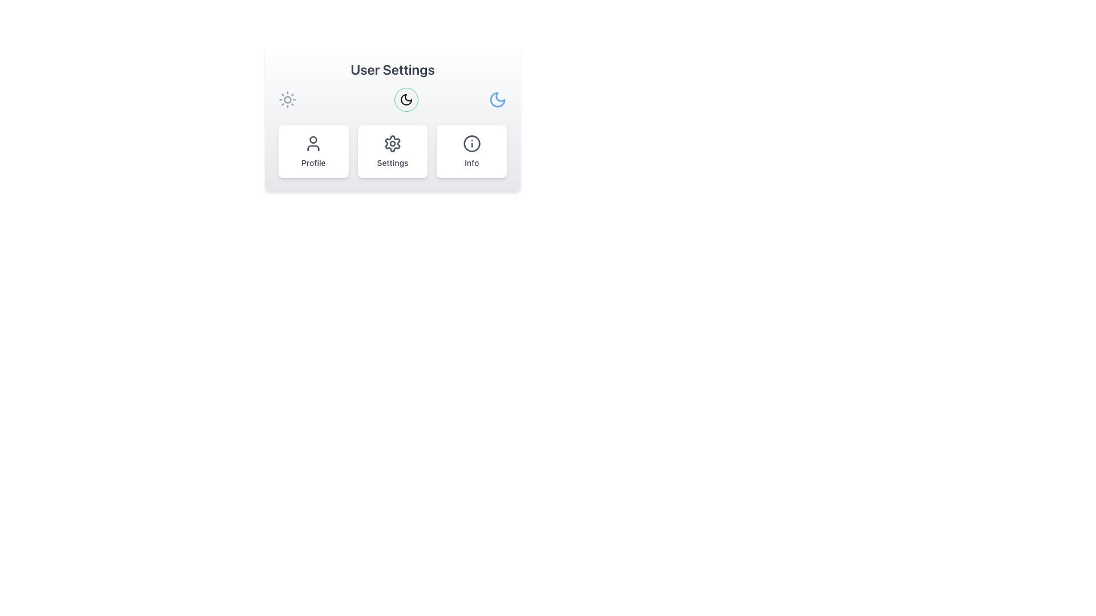 The height and width of the screenshot is (616, 1096). I want to click on the theme-setting icon located at the far right of a horizontal row of three icons, which is designed, so click(498, 99).